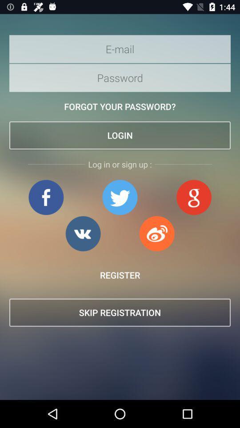 The image size is (240, 428). What do you see at coordinates (120, 107) in the screenshot?
I see `the forgot your password? item` at bounding box center [120, 107].